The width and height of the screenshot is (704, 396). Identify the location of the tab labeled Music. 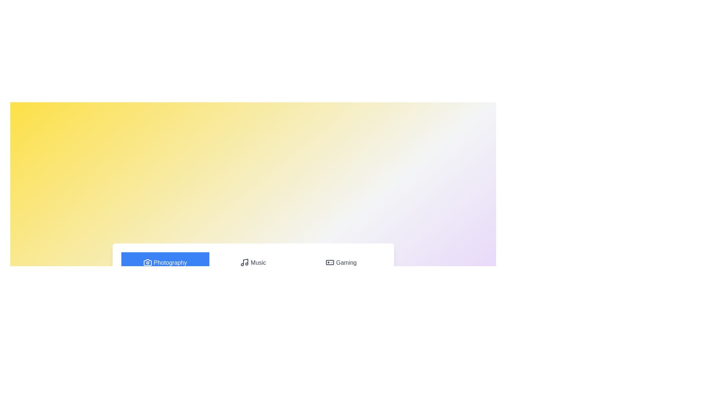
(253, 263).